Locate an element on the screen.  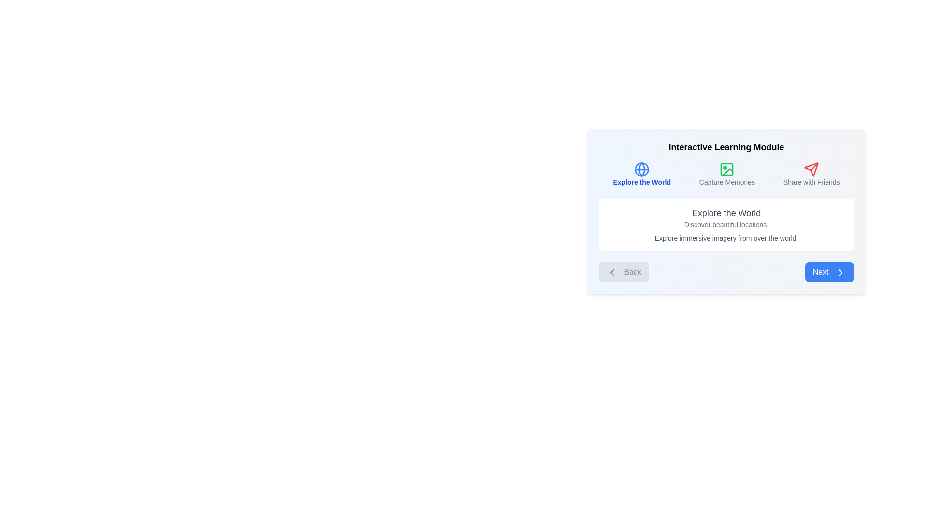
the text label that explains the functionality of the adjacent red paper plane icon, located in the top-right corner of the box grouping three sections is located at coordinates (812, 182).